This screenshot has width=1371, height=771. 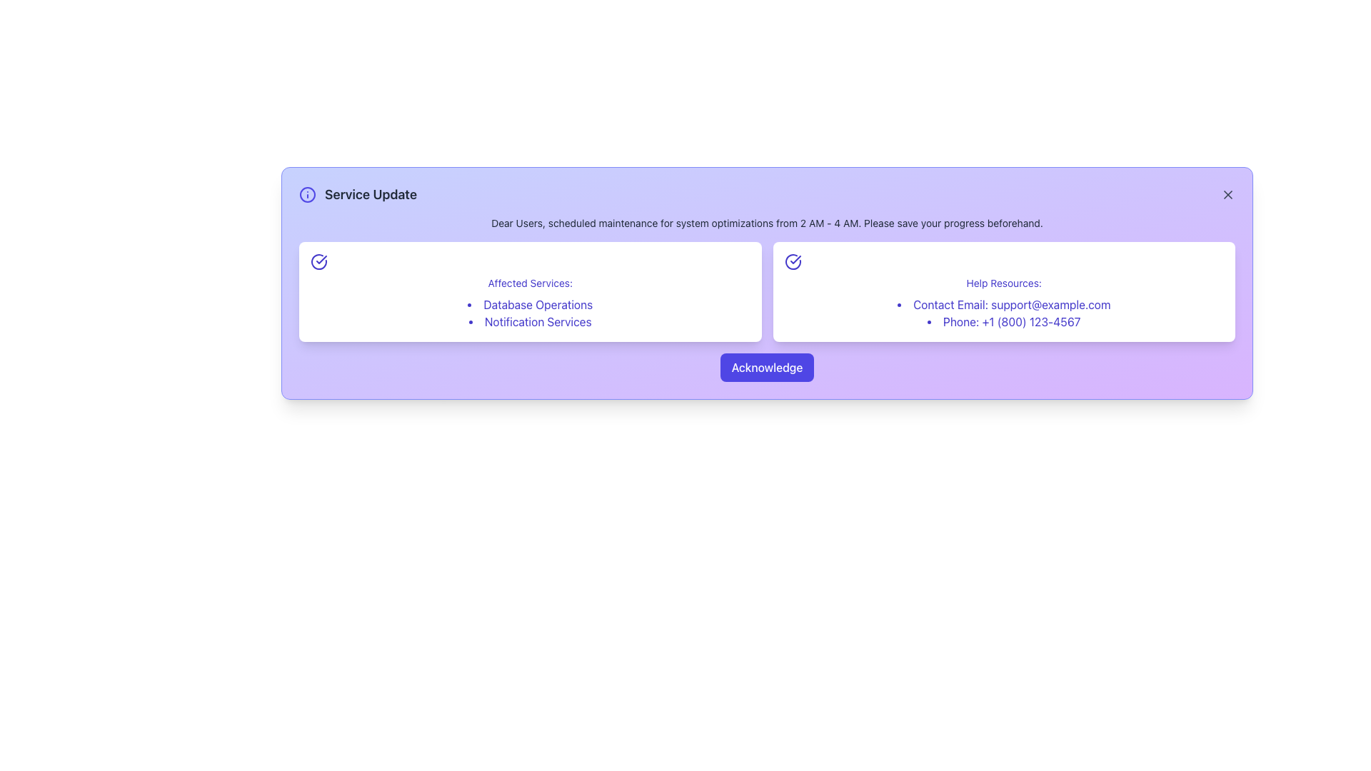 What do you see at coordinates (529, 313) in the screenshot?
I see `items from the Unordered List containing 'Database Operations' and 'Notification Services', which is styled in blue font and located on the left side of the interface` at bounding box center [529, 313].